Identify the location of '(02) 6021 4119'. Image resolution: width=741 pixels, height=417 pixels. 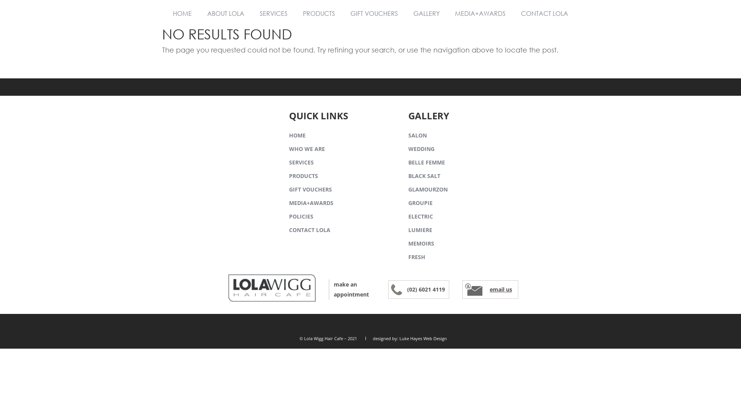
(425, 289).